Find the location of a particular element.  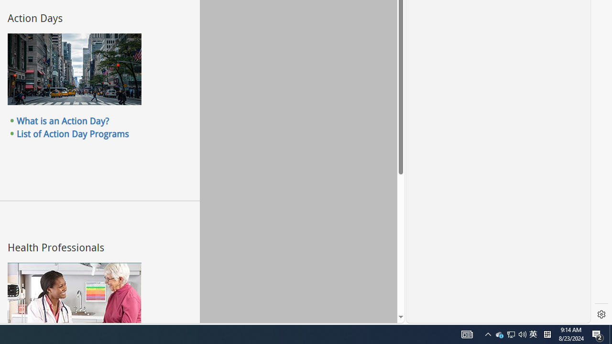

'Health Professionals' is located at coordinates (74, 297).